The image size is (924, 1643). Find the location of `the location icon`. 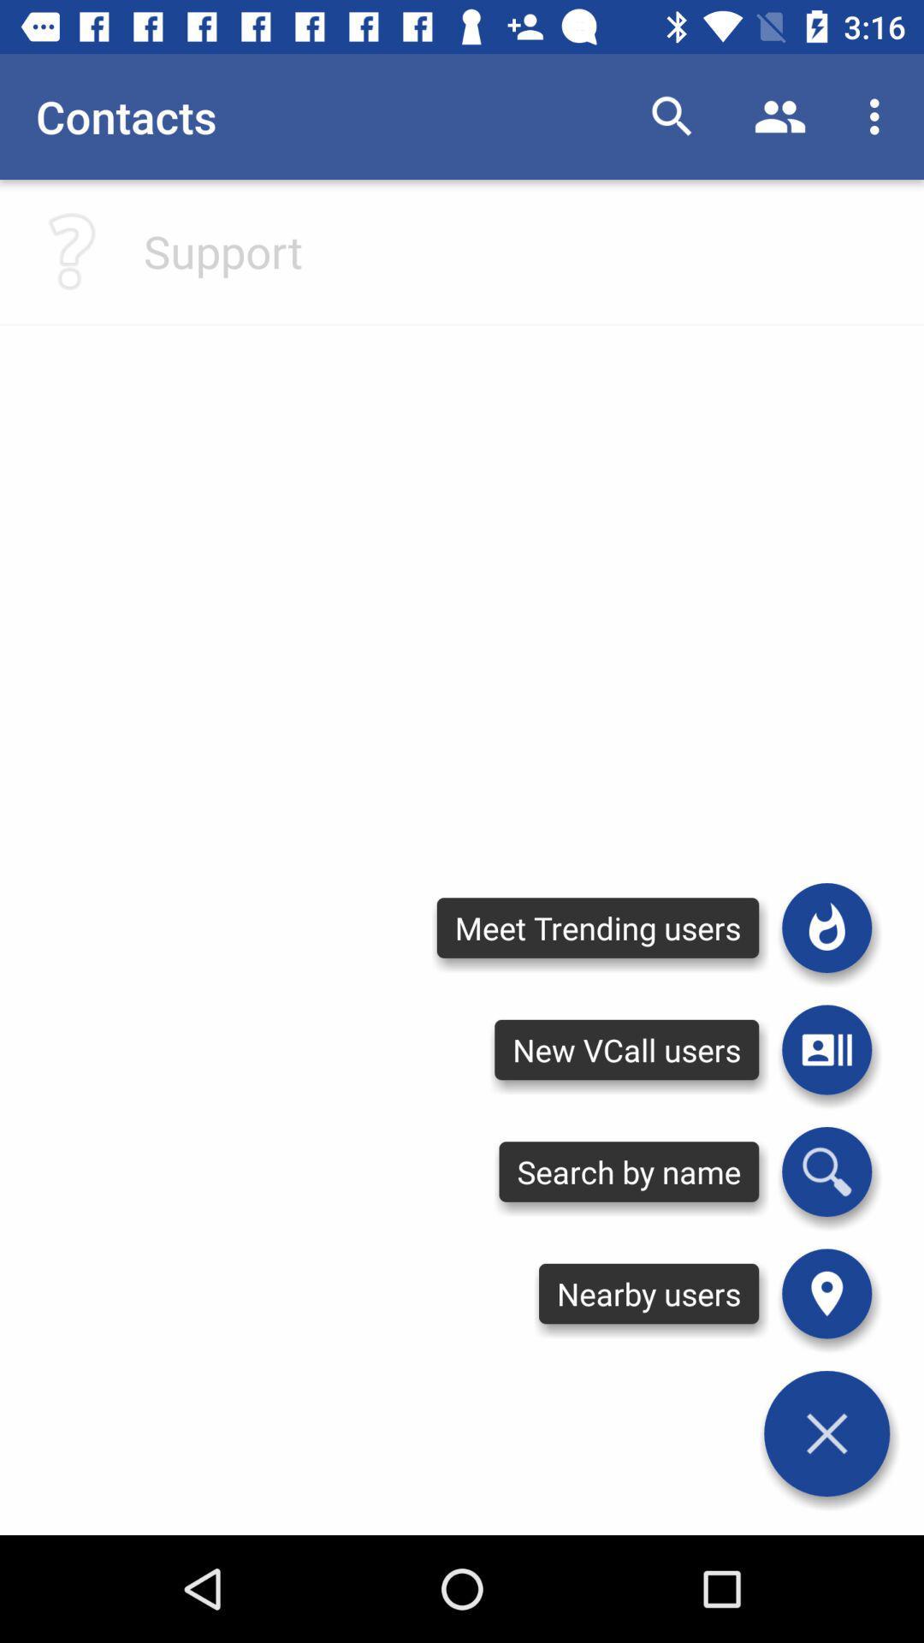

the location icon is located at coordinates (826, 1294).